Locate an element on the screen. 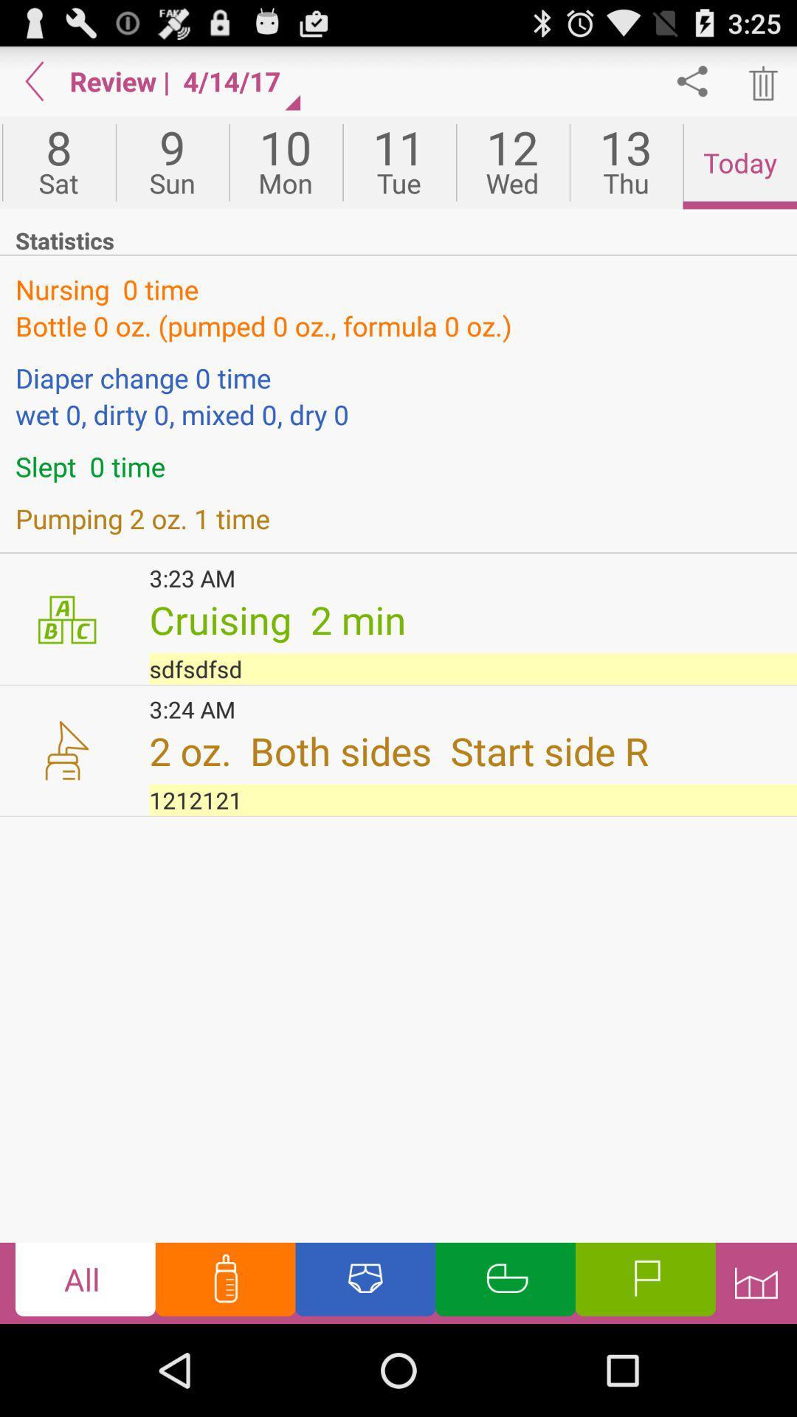  the app next to 12 icon is located at coordinates (626, 162).